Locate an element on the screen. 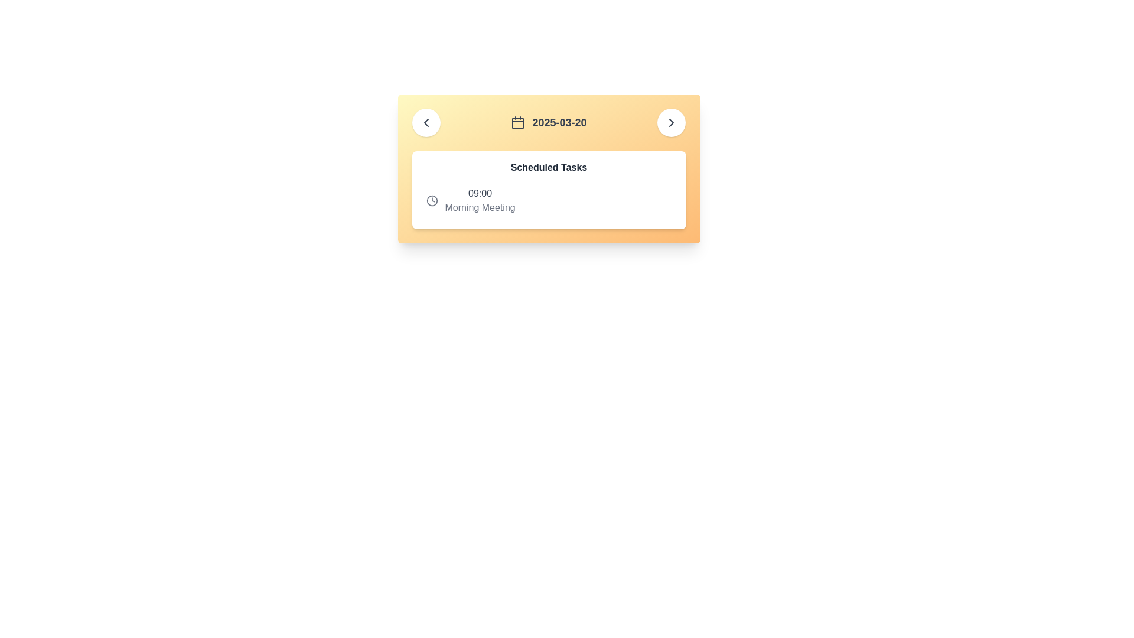  the Chevron icon located in the leftmost circular button of the top section to trigger a tooltip or visual feedback is located at coordinates (425, 123).